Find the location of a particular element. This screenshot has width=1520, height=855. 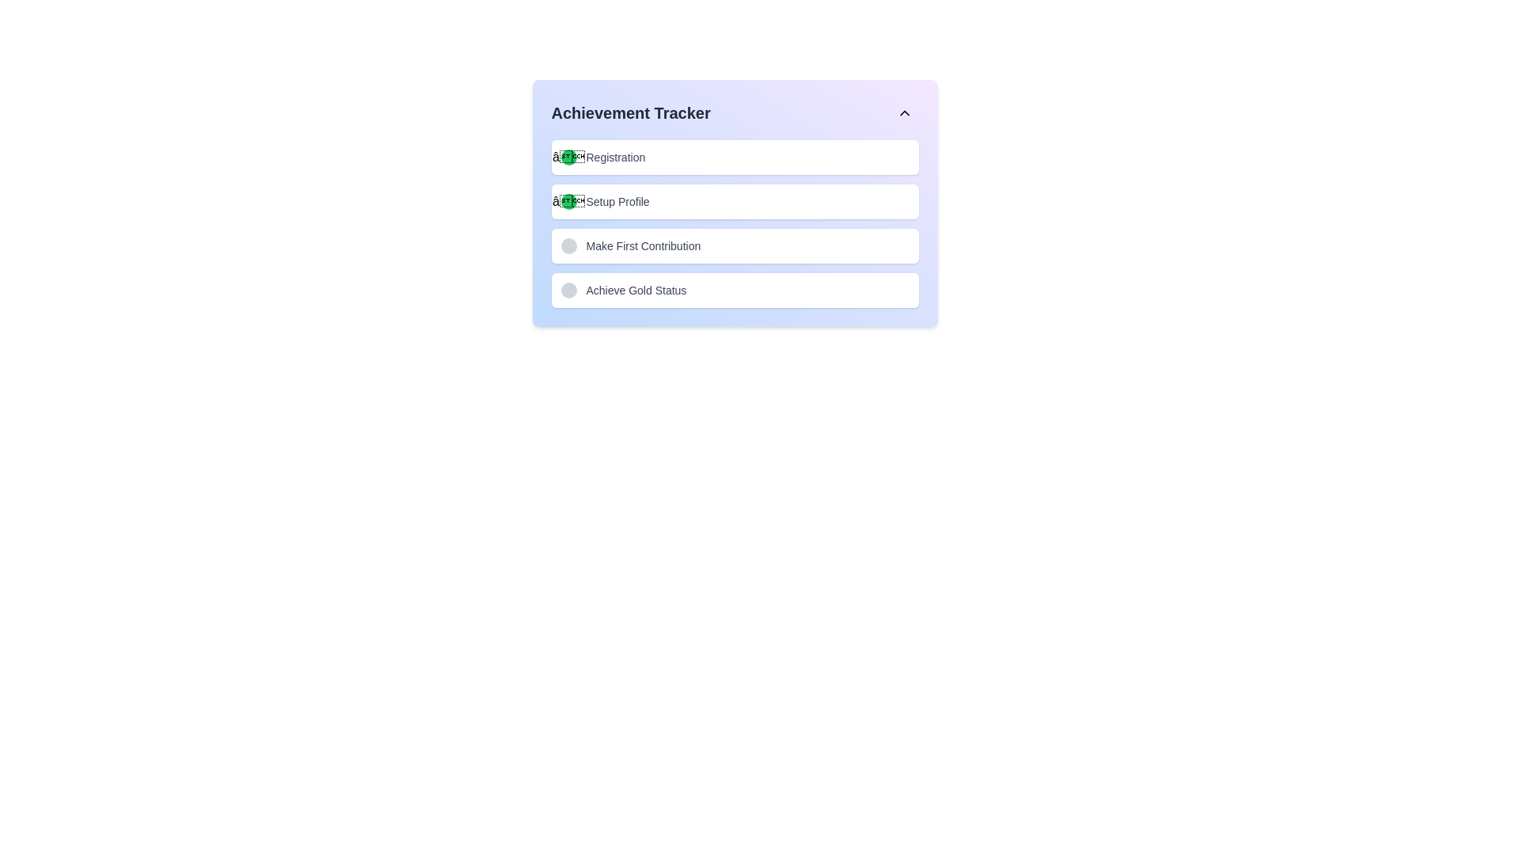

the small circular green Indicator Icon with a white checkmark, located to the left of the 'Setup Profile' text under the 'Achievement Tracker' section is located at coordinates (568, 200).